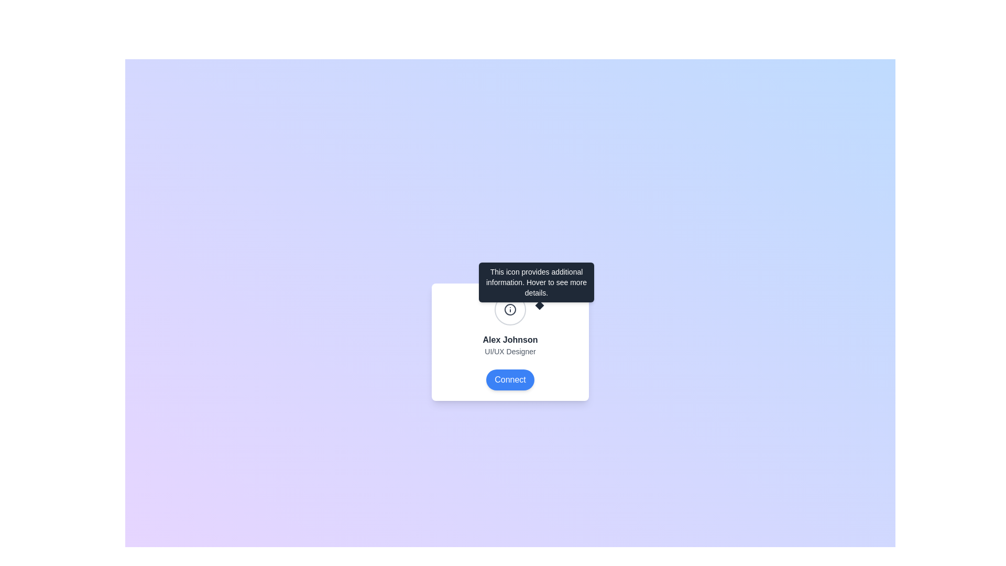 The image size is (1006, 566). What do you see at coordinates (510, 309) in the screenshot?
I see `the circular element with a defined border that is part of the information icon located at the top center of the user card displaying details for 'Alex Johnson, UI/UX Designer.'` at bounding box center [510, 309].